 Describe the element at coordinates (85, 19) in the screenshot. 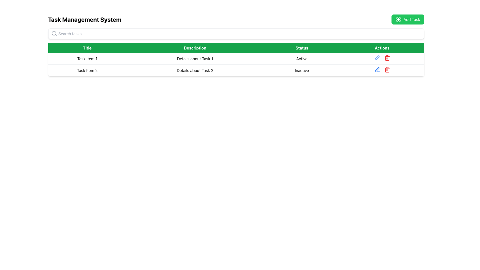

I see `the bold text label displaying 'Task Management System', which is positioned at the top-left of the interface, preceding the green 'Add Task' button` at that location.